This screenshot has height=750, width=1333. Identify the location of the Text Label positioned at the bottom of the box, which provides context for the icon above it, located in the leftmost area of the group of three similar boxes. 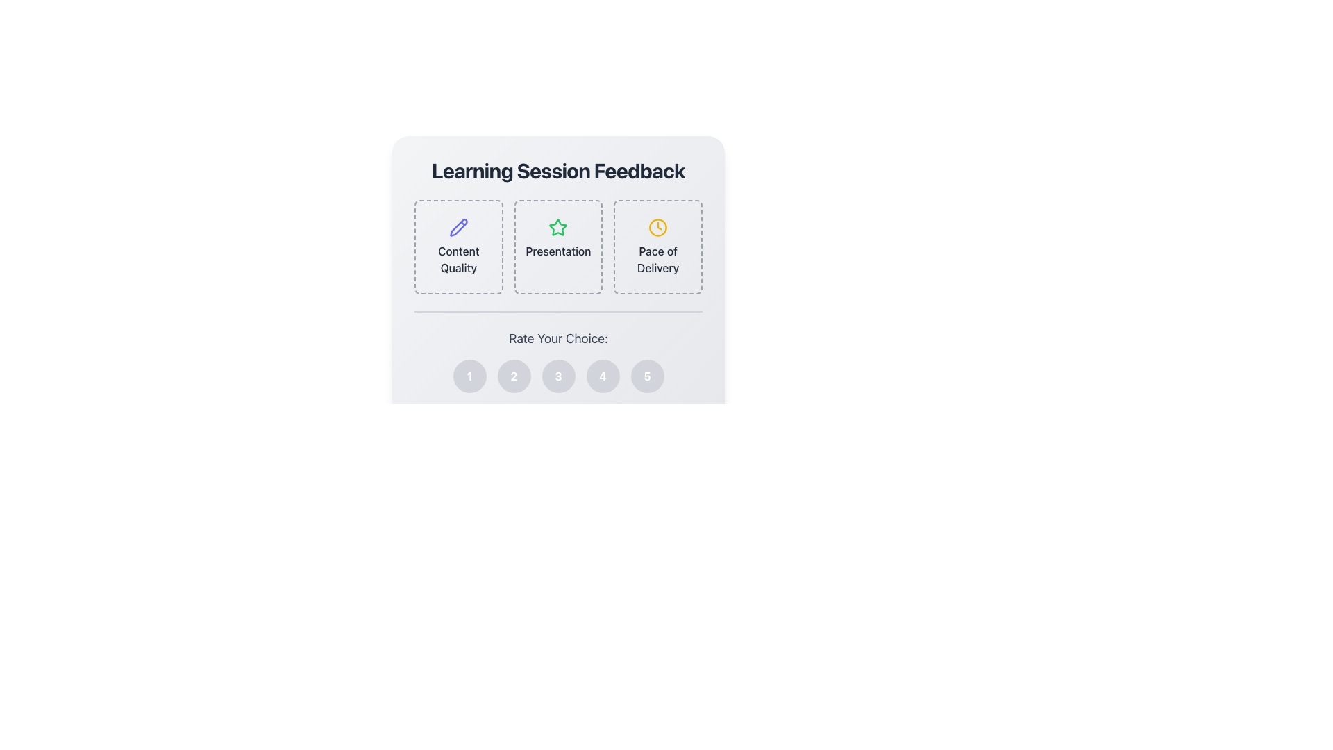
(458, 260).